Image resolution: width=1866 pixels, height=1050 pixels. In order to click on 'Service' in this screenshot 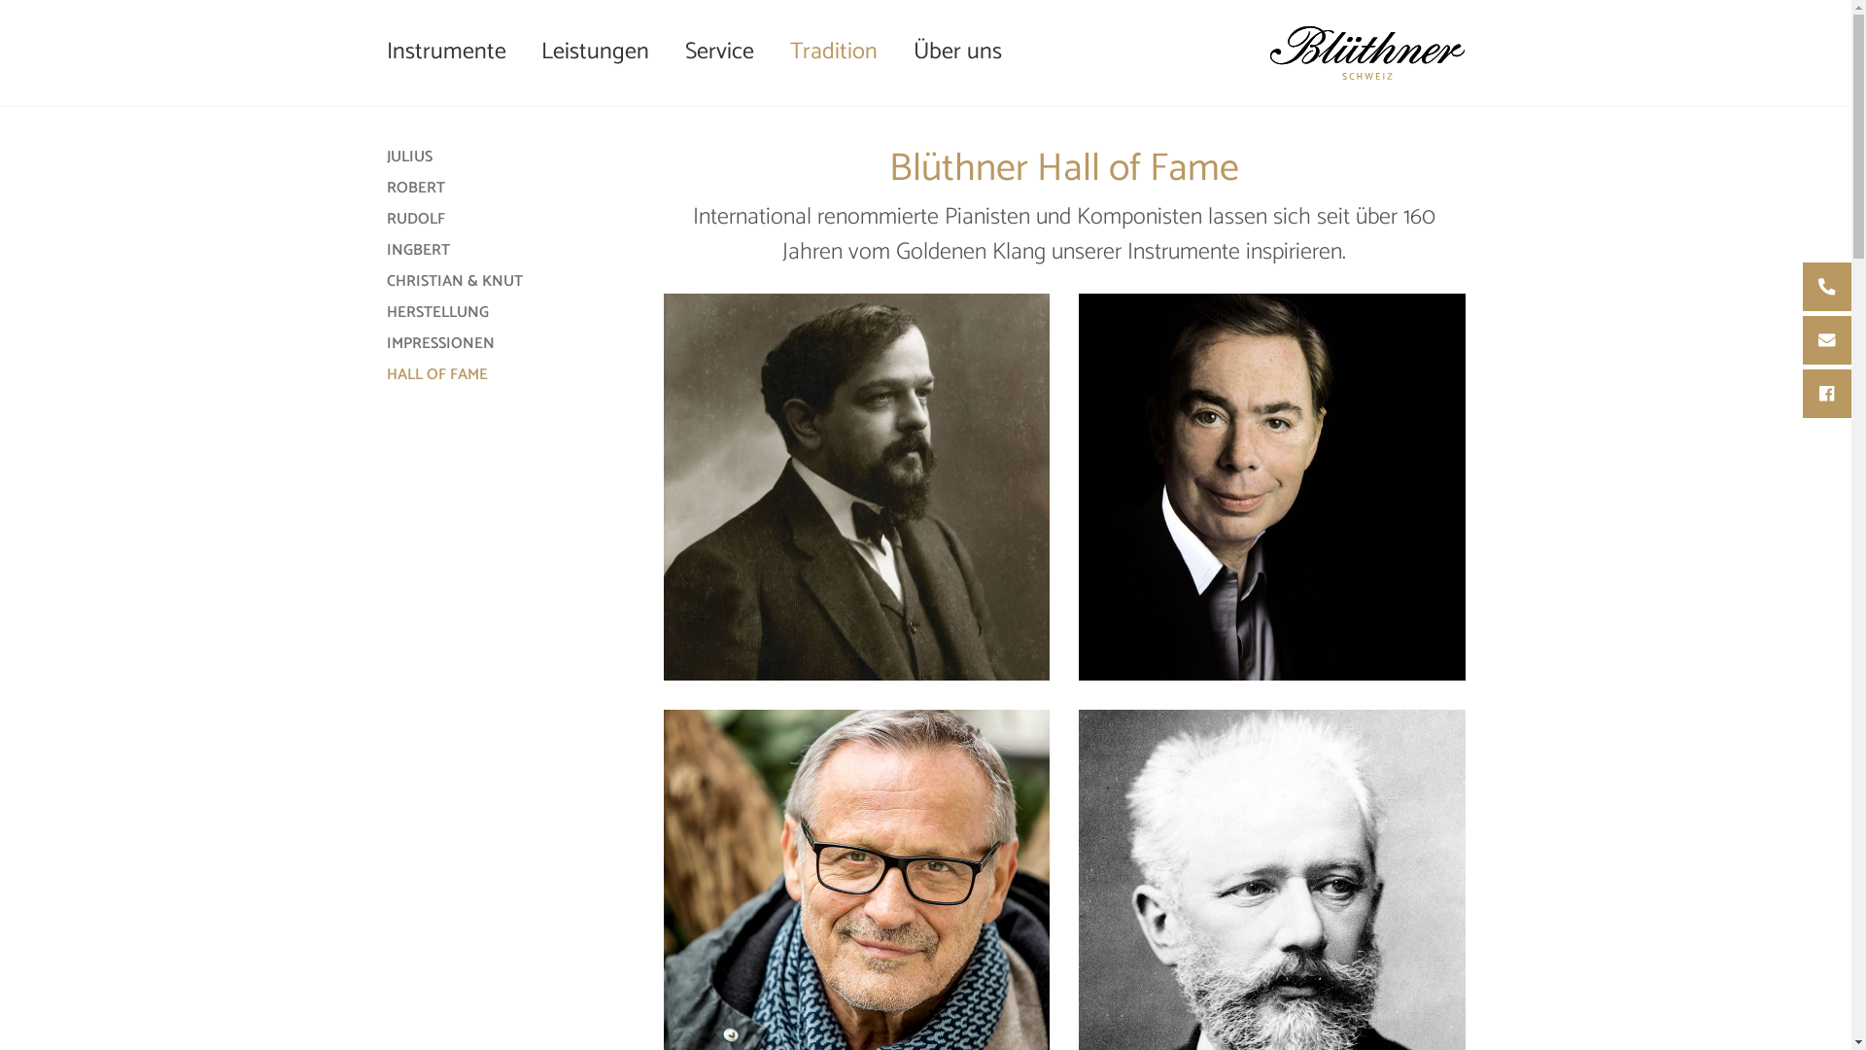, I will do `click(718, 52)`.